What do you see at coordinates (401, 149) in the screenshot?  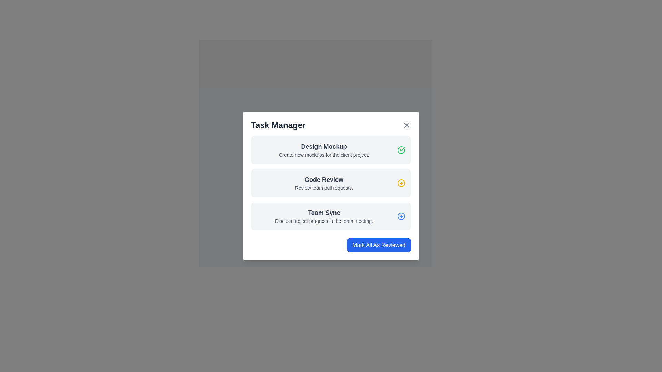 I see `the status indicator icon that signifies the completed state of the 'Design Mockup' task` at bounding box center [401, 149].